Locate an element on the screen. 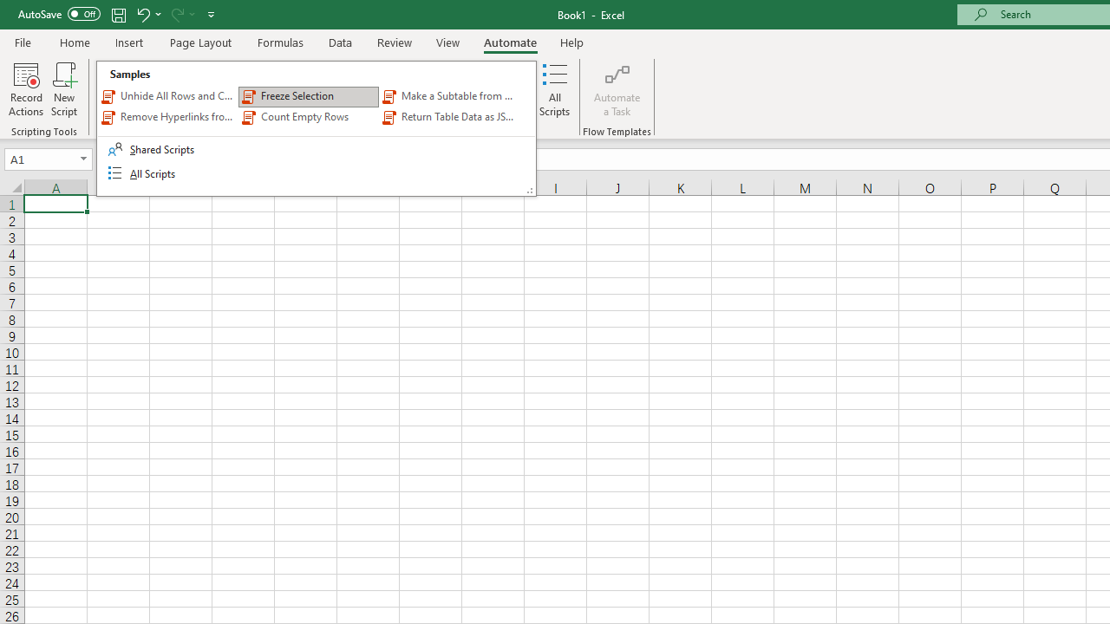 The height and width of the screenshot is (624, 1110). 'Automate a Task' is located at coordinates (617, 89).